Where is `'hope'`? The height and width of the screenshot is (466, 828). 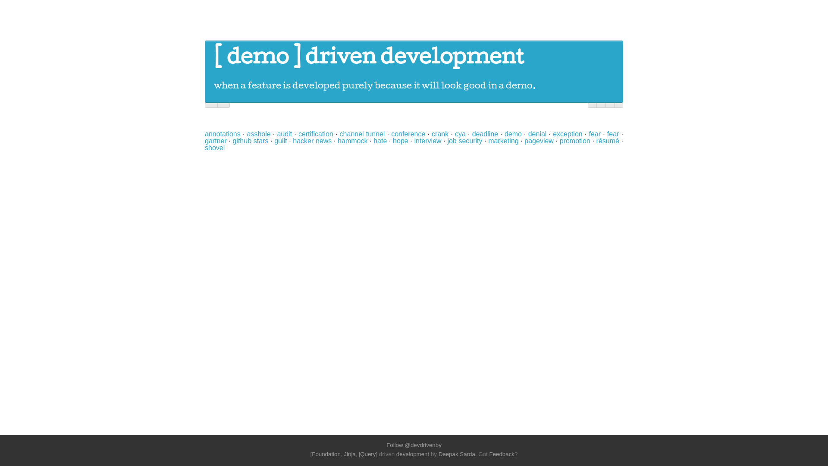 'hope' is located at coordinates (400, 140).